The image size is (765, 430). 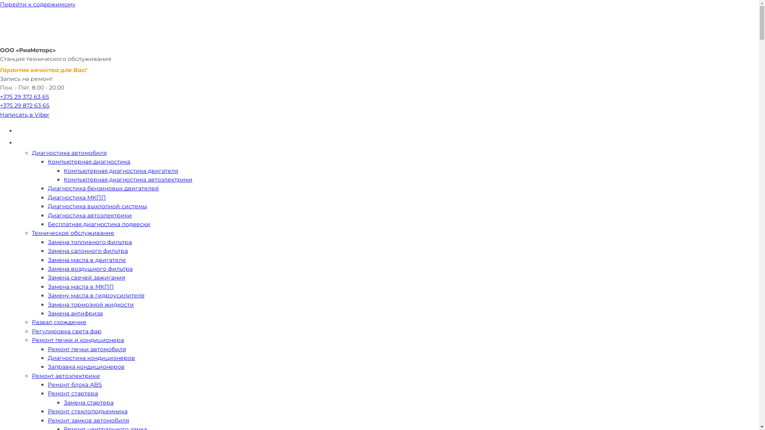 I want to click on '+375 29 872 63 65', so click(x=25, y=105).